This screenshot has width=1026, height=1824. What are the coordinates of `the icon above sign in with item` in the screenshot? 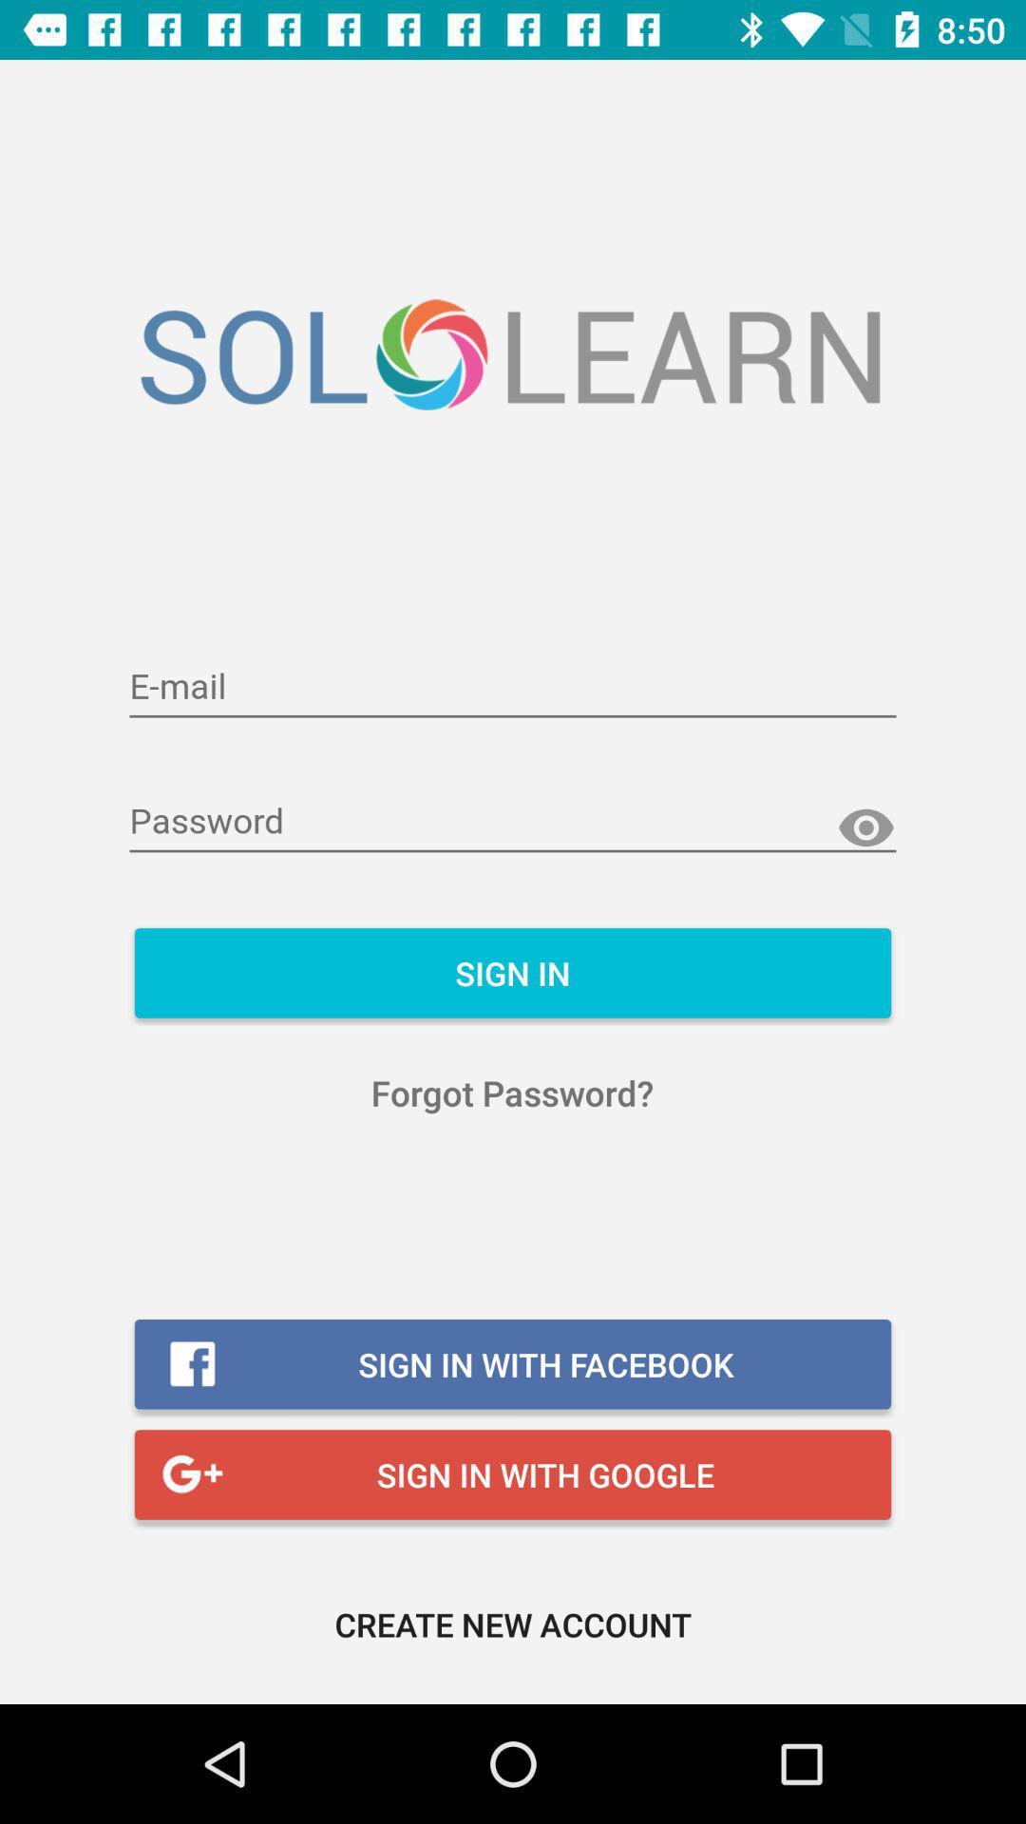 It's located at (511, 1092).